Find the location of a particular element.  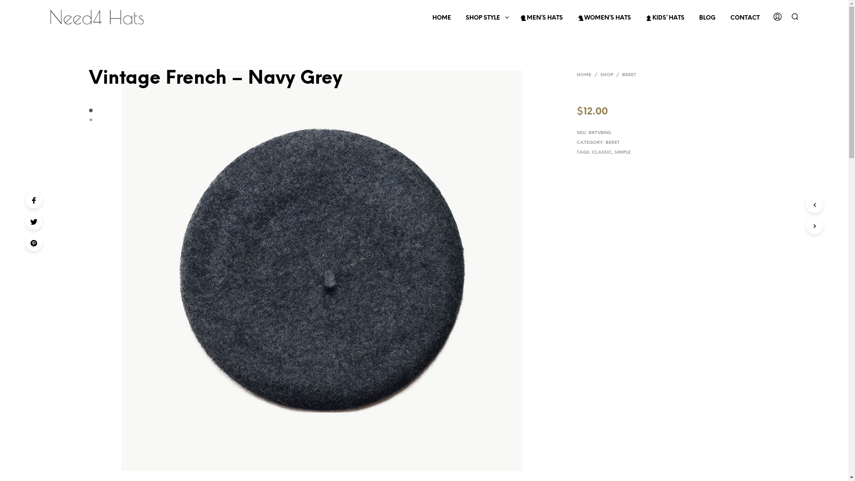

'CLASSIC' is located at coordinates (602, 152).